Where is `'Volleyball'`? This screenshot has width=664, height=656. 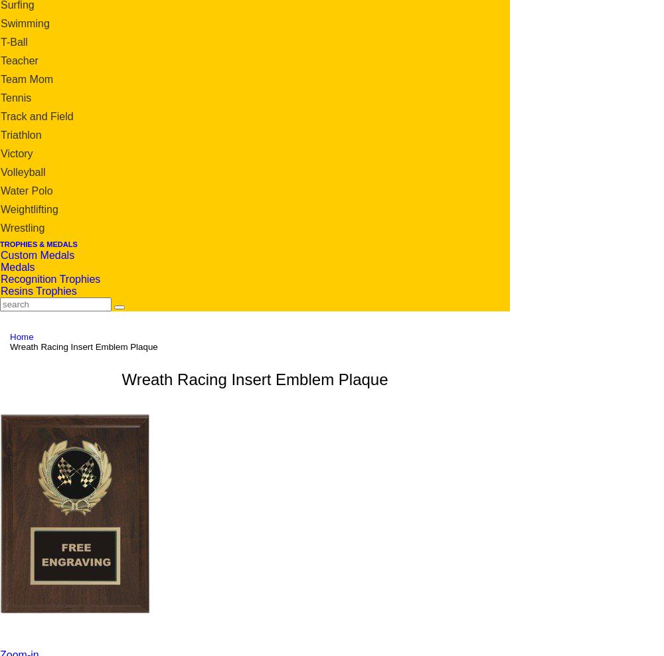 'Volleyball' is located at coordinates (1, 171).